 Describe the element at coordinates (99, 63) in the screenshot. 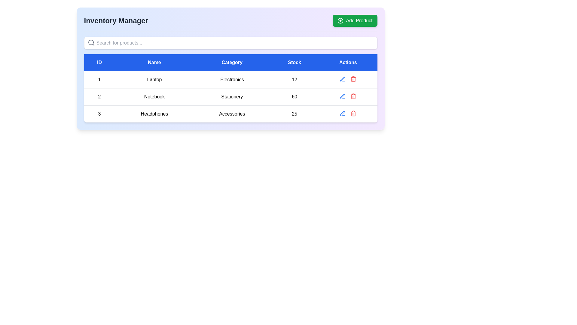

I see `the header cell displaying 'ID', which is a rectangular blue area with white bold text, positioned at the top-left of the table layout` at that location.